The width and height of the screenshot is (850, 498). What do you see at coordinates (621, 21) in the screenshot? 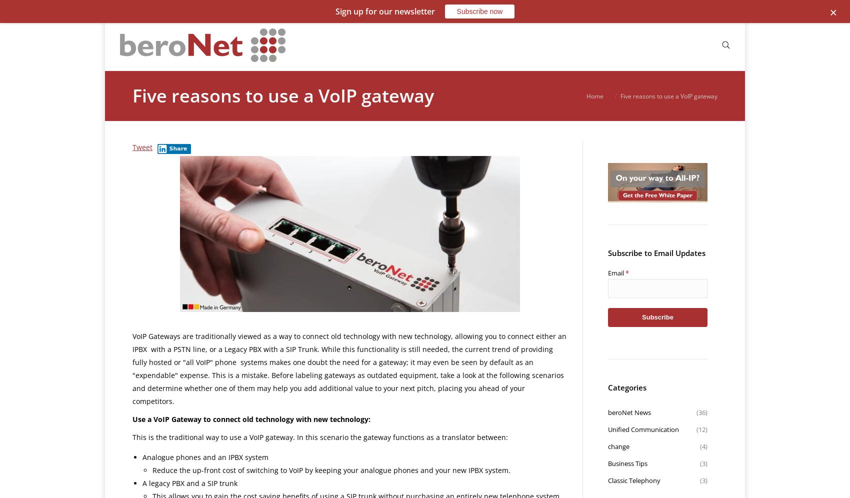
I see `'Deutsch'` at bounding box center [621, 21].